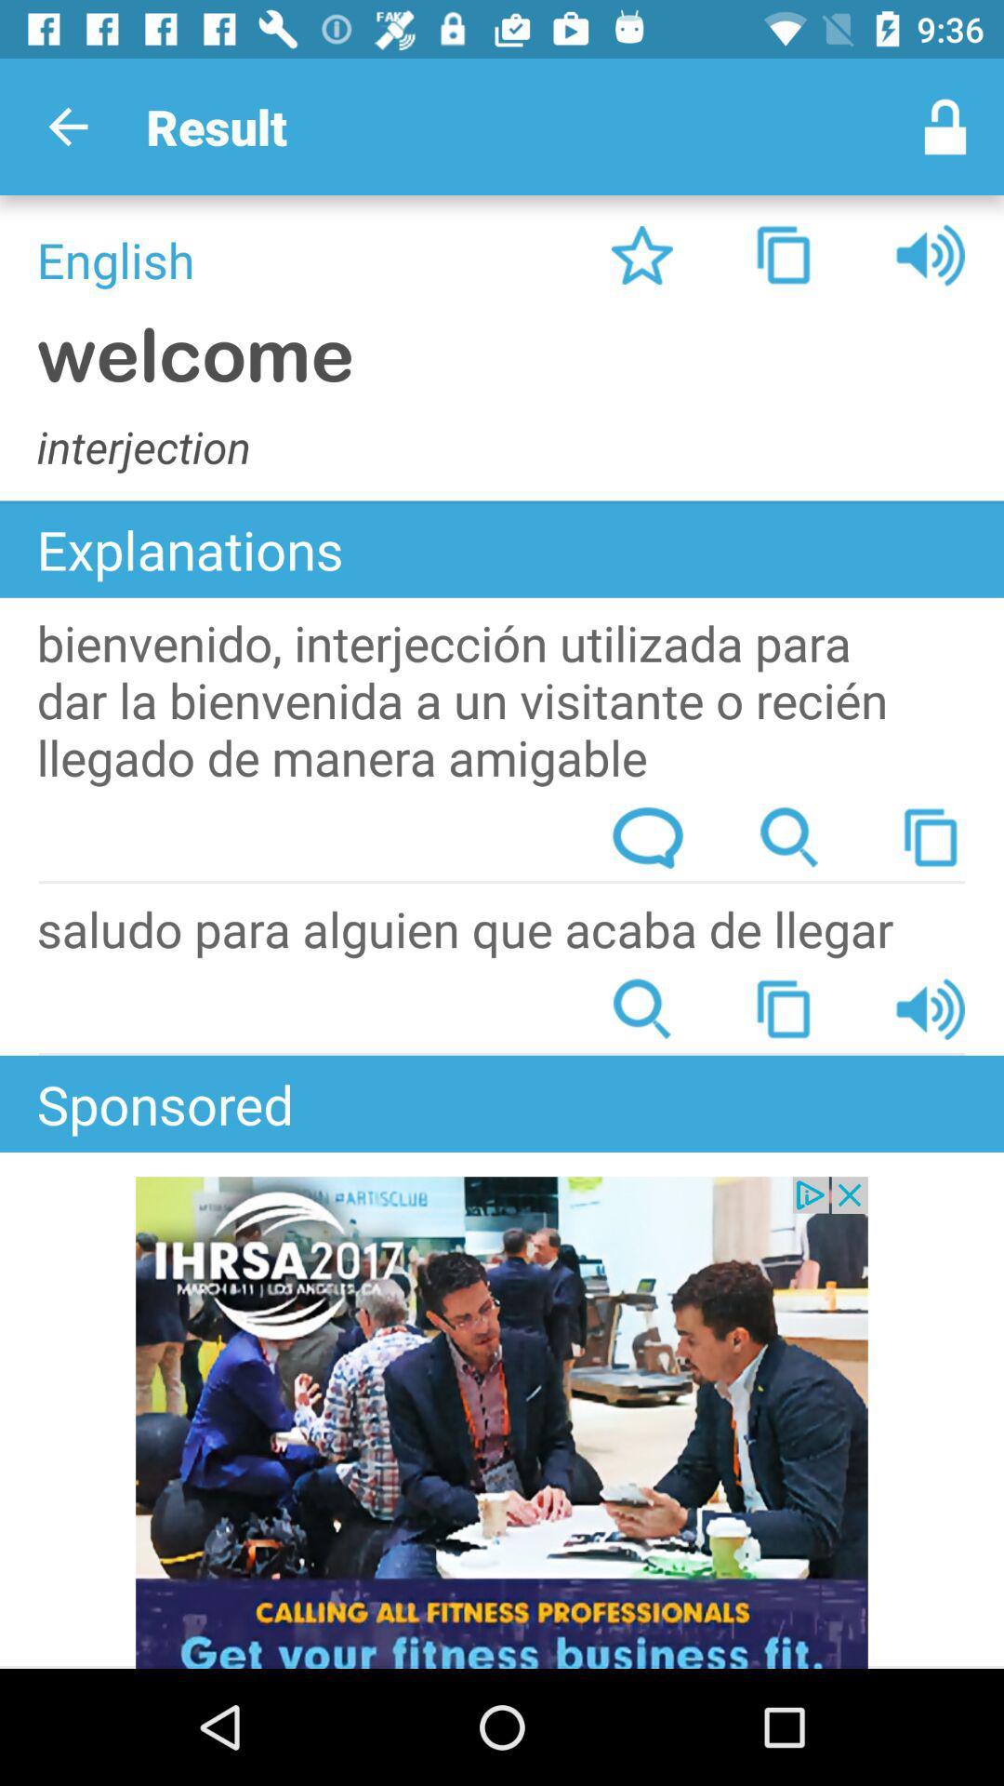 The height and width of the screenshot is (1786, 1004). What do you see at coordinates (502, 1421) in the screenshot?
I see `advertisement` at bounding box center [502, 1421].